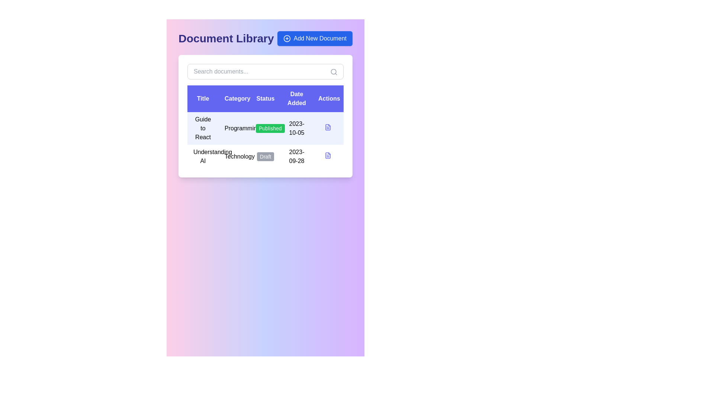 The image size is (714, 401). What do you see at coordinates (328, 128) in the screenshot?
I see `the document icon with a light blue outline and white background, located in the 'Actions' column of the first row` at bounding box center [328, 128].